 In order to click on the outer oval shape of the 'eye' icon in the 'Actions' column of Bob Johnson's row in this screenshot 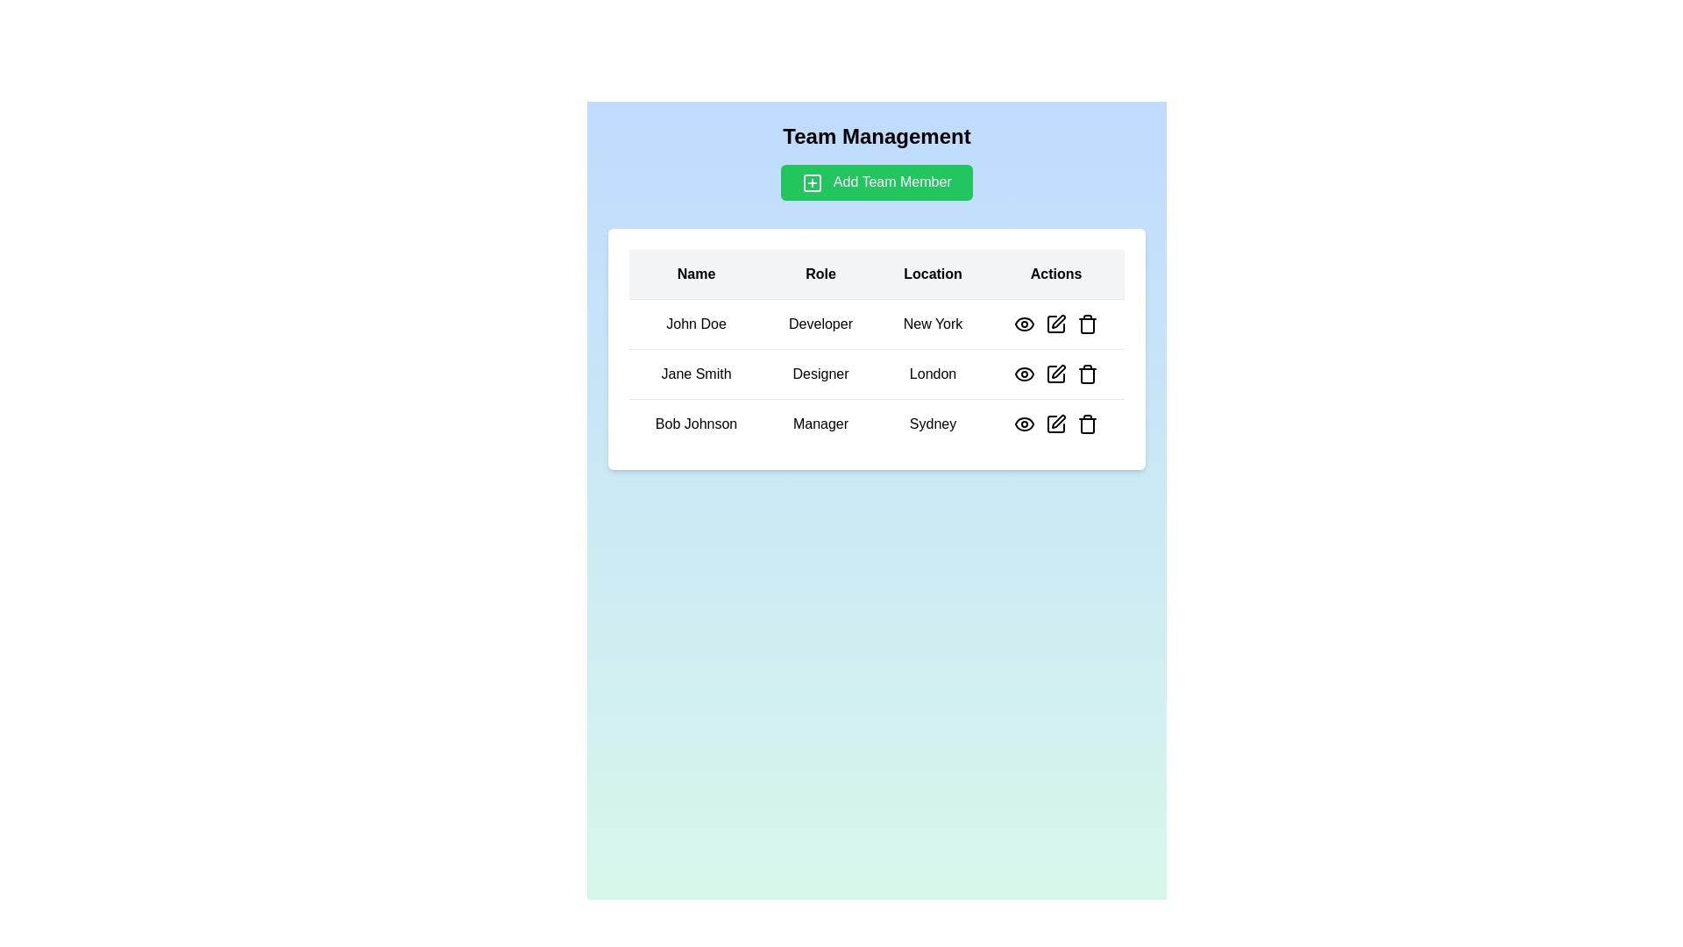, I will do `click(1025, 424)`.